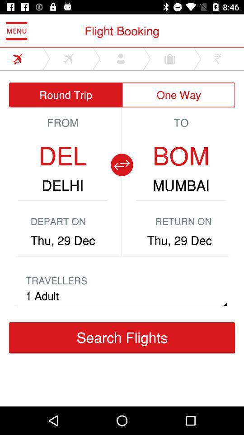 This screenshot has width=244, height=435. Describe the element at coordinates (181, 156) in the screenshot. I see `the bom icon` at that location.